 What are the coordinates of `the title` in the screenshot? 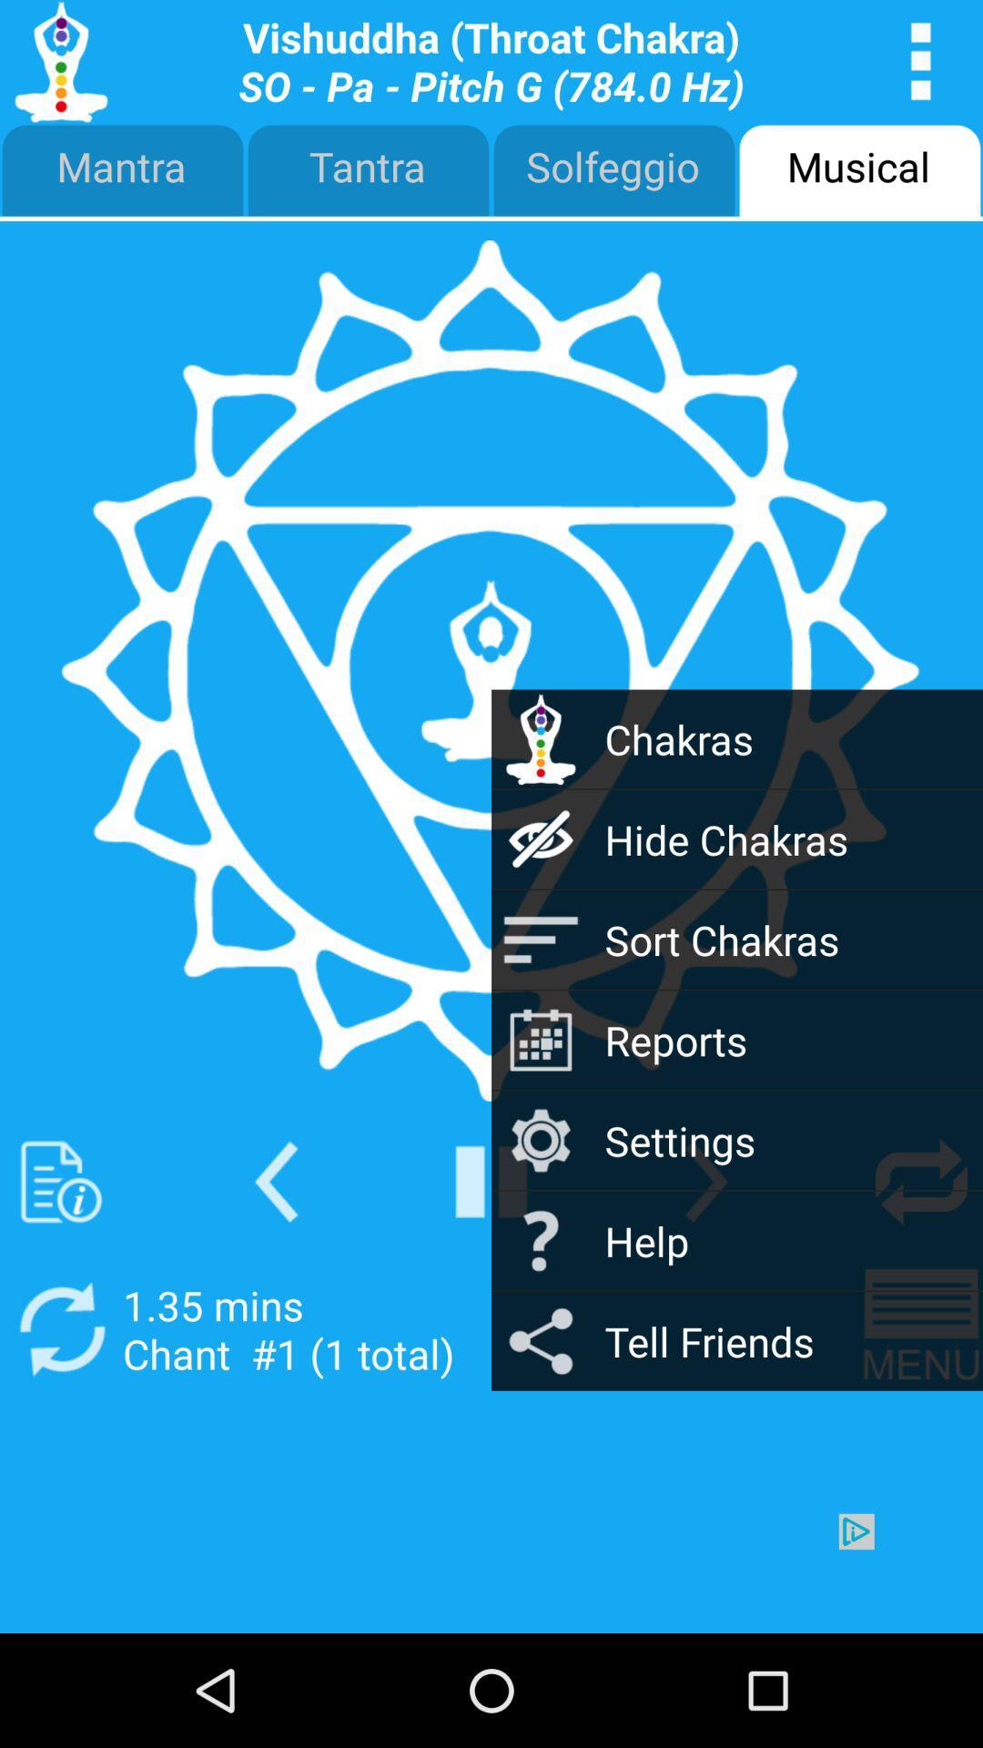 It's located at (491, 61).